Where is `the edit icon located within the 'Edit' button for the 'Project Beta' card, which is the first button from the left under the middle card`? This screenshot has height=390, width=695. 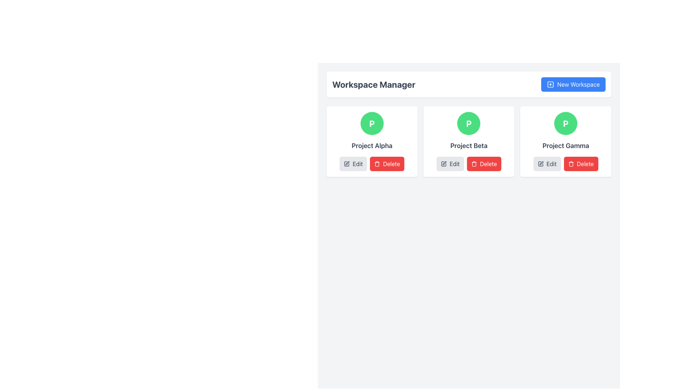 the edit icon located within the 'Edit' button for the 'Project Beta' card, which is the first button from the left under the middle card is located at coordinates (443, 164).